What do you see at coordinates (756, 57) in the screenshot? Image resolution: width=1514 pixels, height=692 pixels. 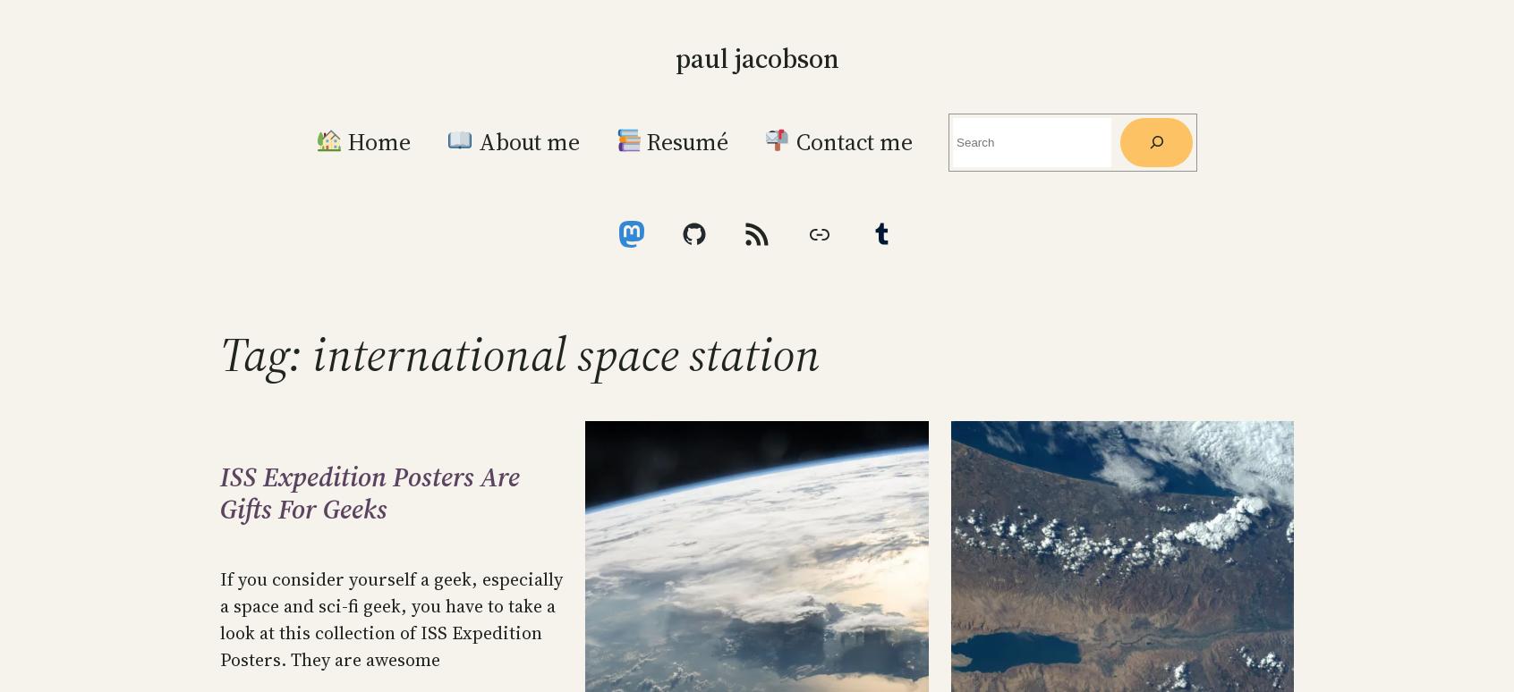 I see `'Paul Jacobson'` at bounding box center [756, 57].